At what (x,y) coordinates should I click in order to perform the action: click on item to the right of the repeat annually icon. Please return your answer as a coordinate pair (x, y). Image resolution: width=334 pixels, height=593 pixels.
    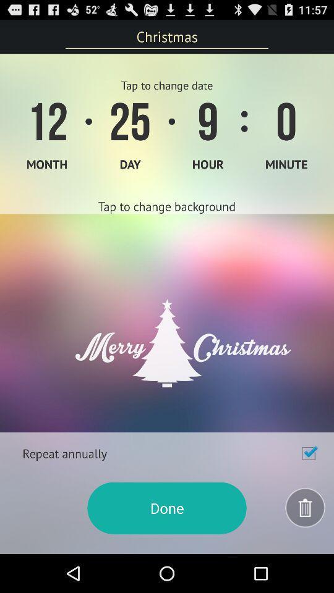
    Looking at the image, I should click on (308, 453).